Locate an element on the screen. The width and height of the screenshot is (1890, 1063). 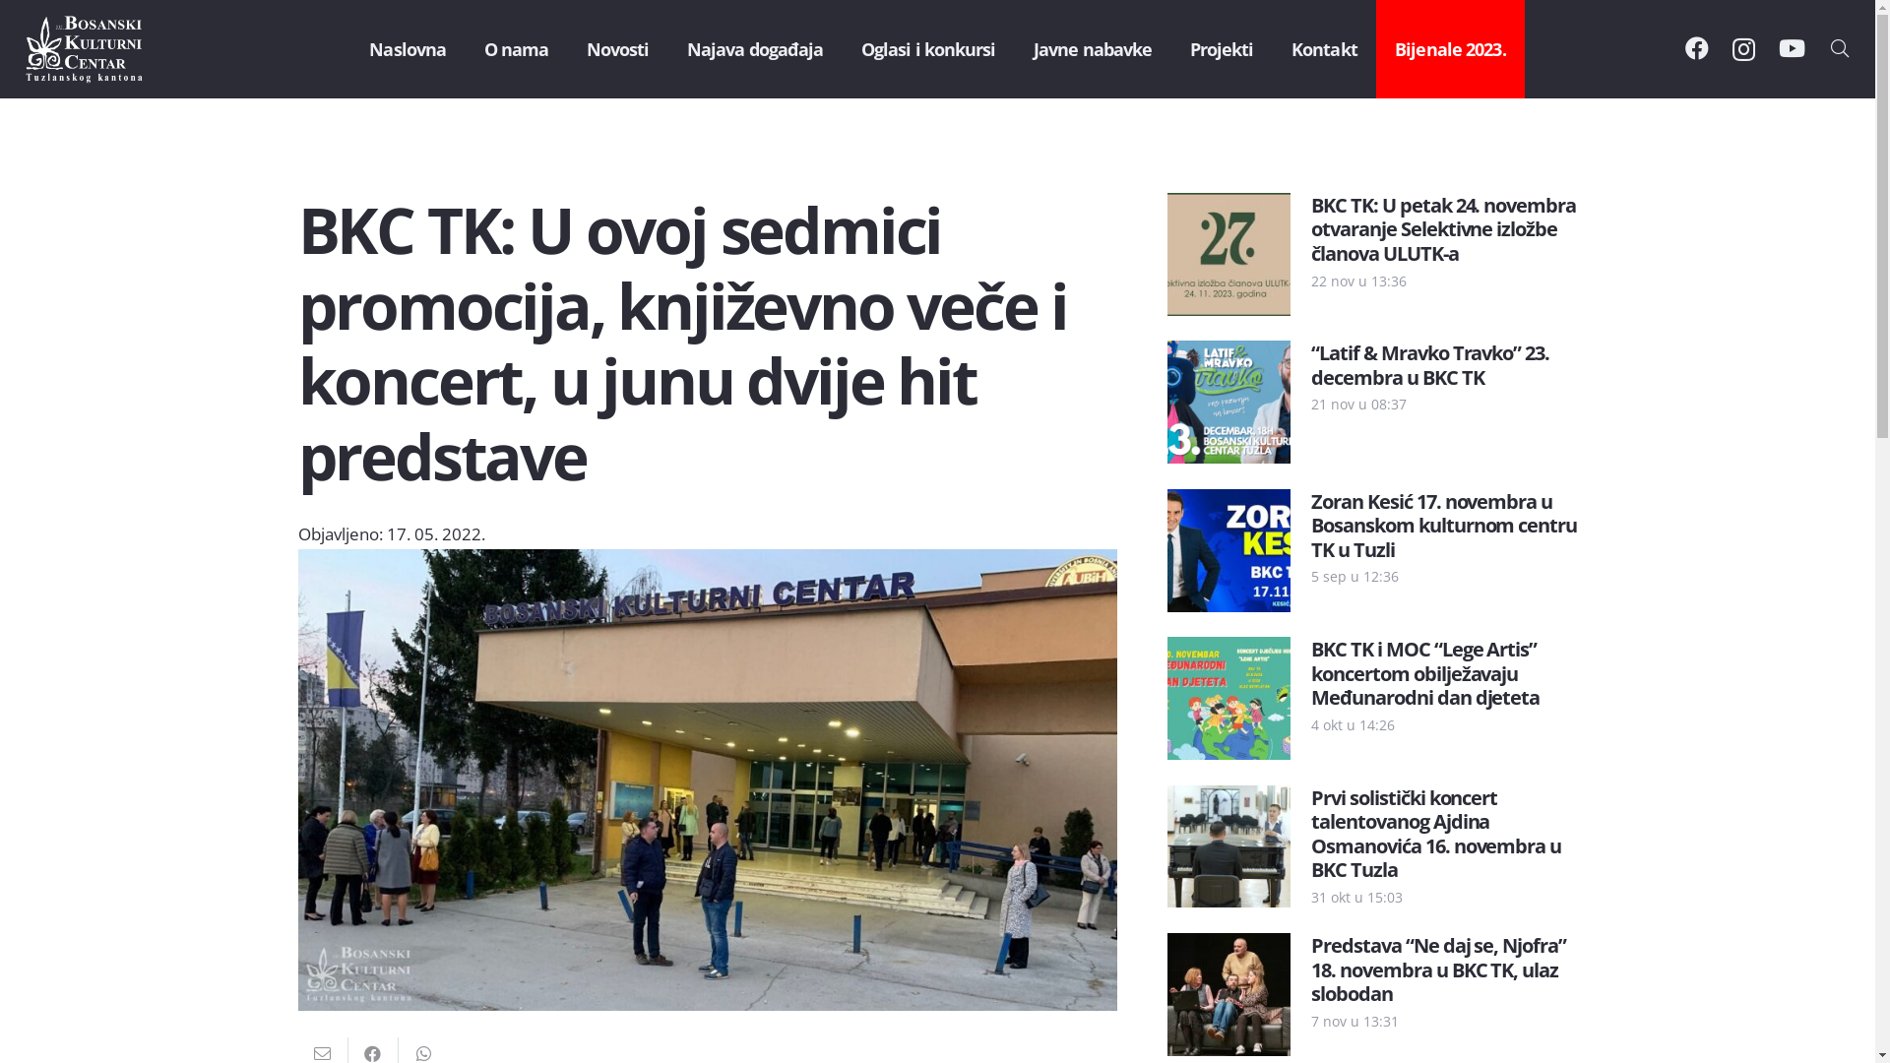
'Instagram' is located at coordinates (1743, 48).